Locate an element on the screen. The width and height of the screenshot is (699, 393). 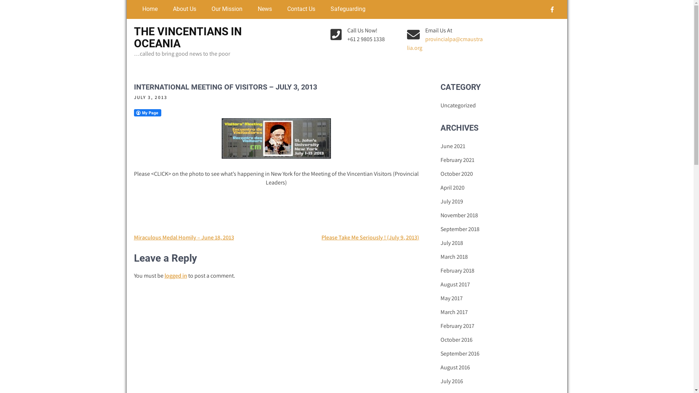
'March 2018' is located at coordinates (454, 256).